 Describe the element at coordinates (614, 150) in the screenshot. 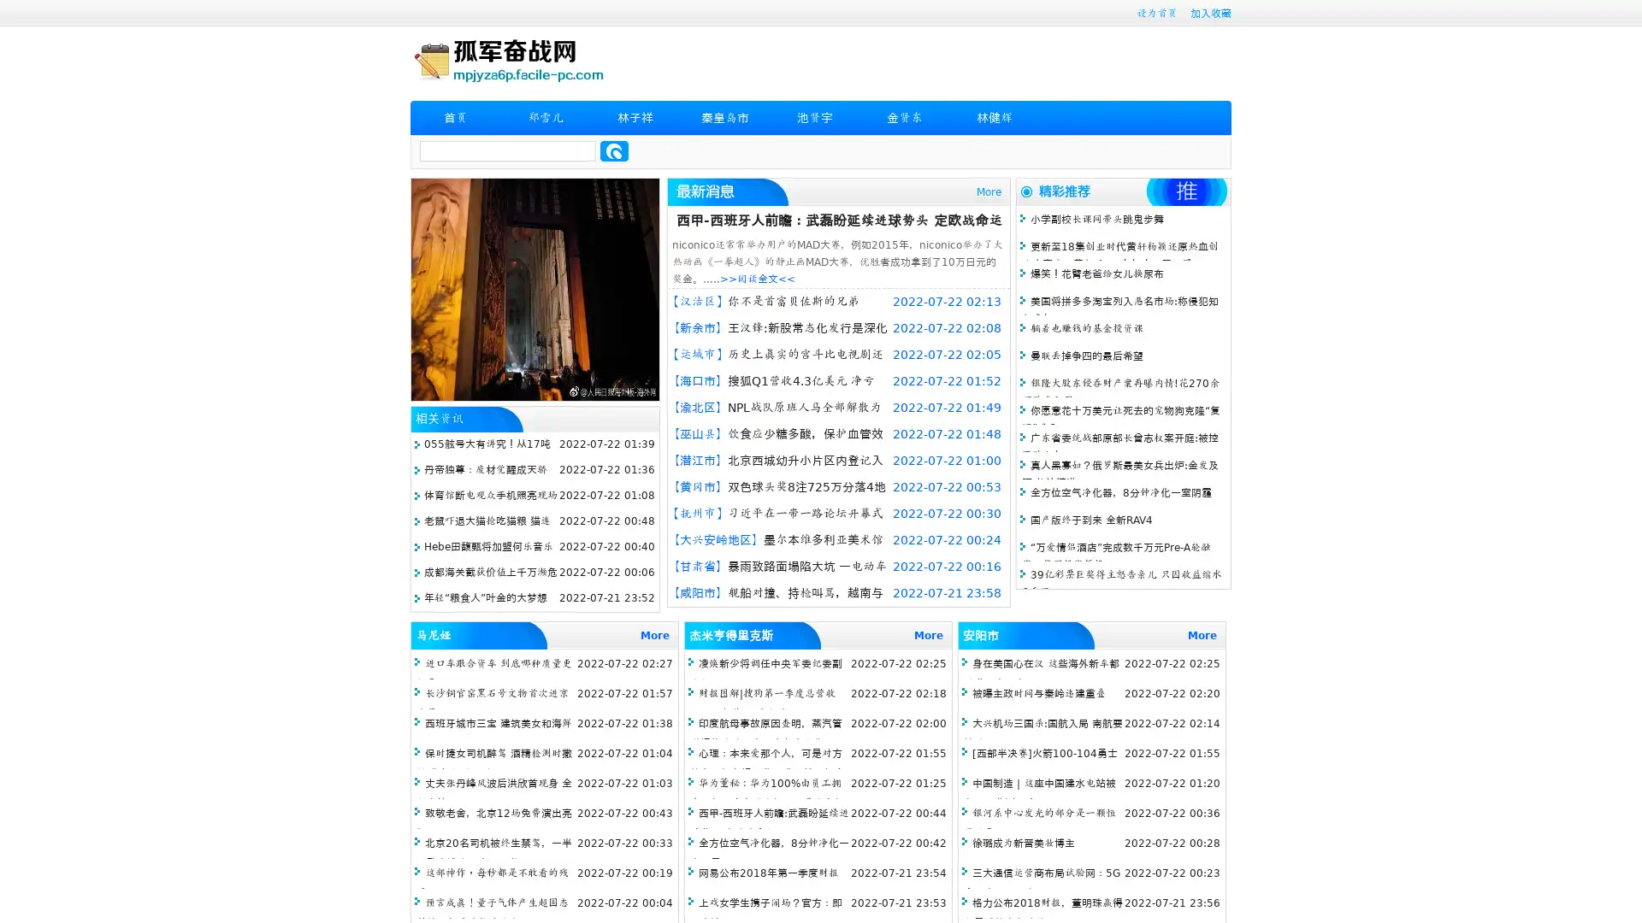

I see `Search` at that location.